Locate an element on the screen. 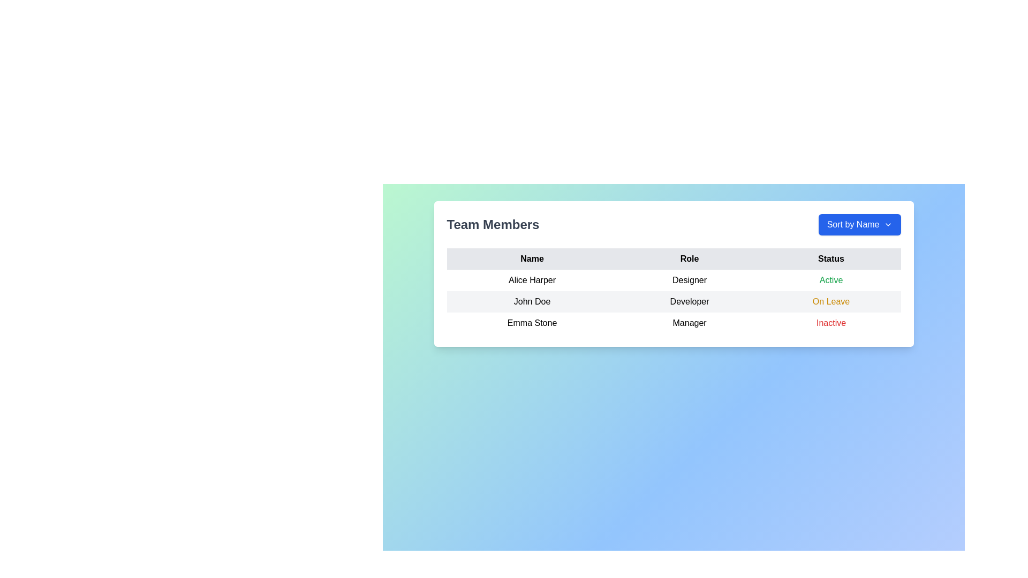  the header labeled 'Role' in the table, which is positioned between the 'Name' and 'Status' headers, with a light gray background and bold black text is located at coordinates (690, 258).